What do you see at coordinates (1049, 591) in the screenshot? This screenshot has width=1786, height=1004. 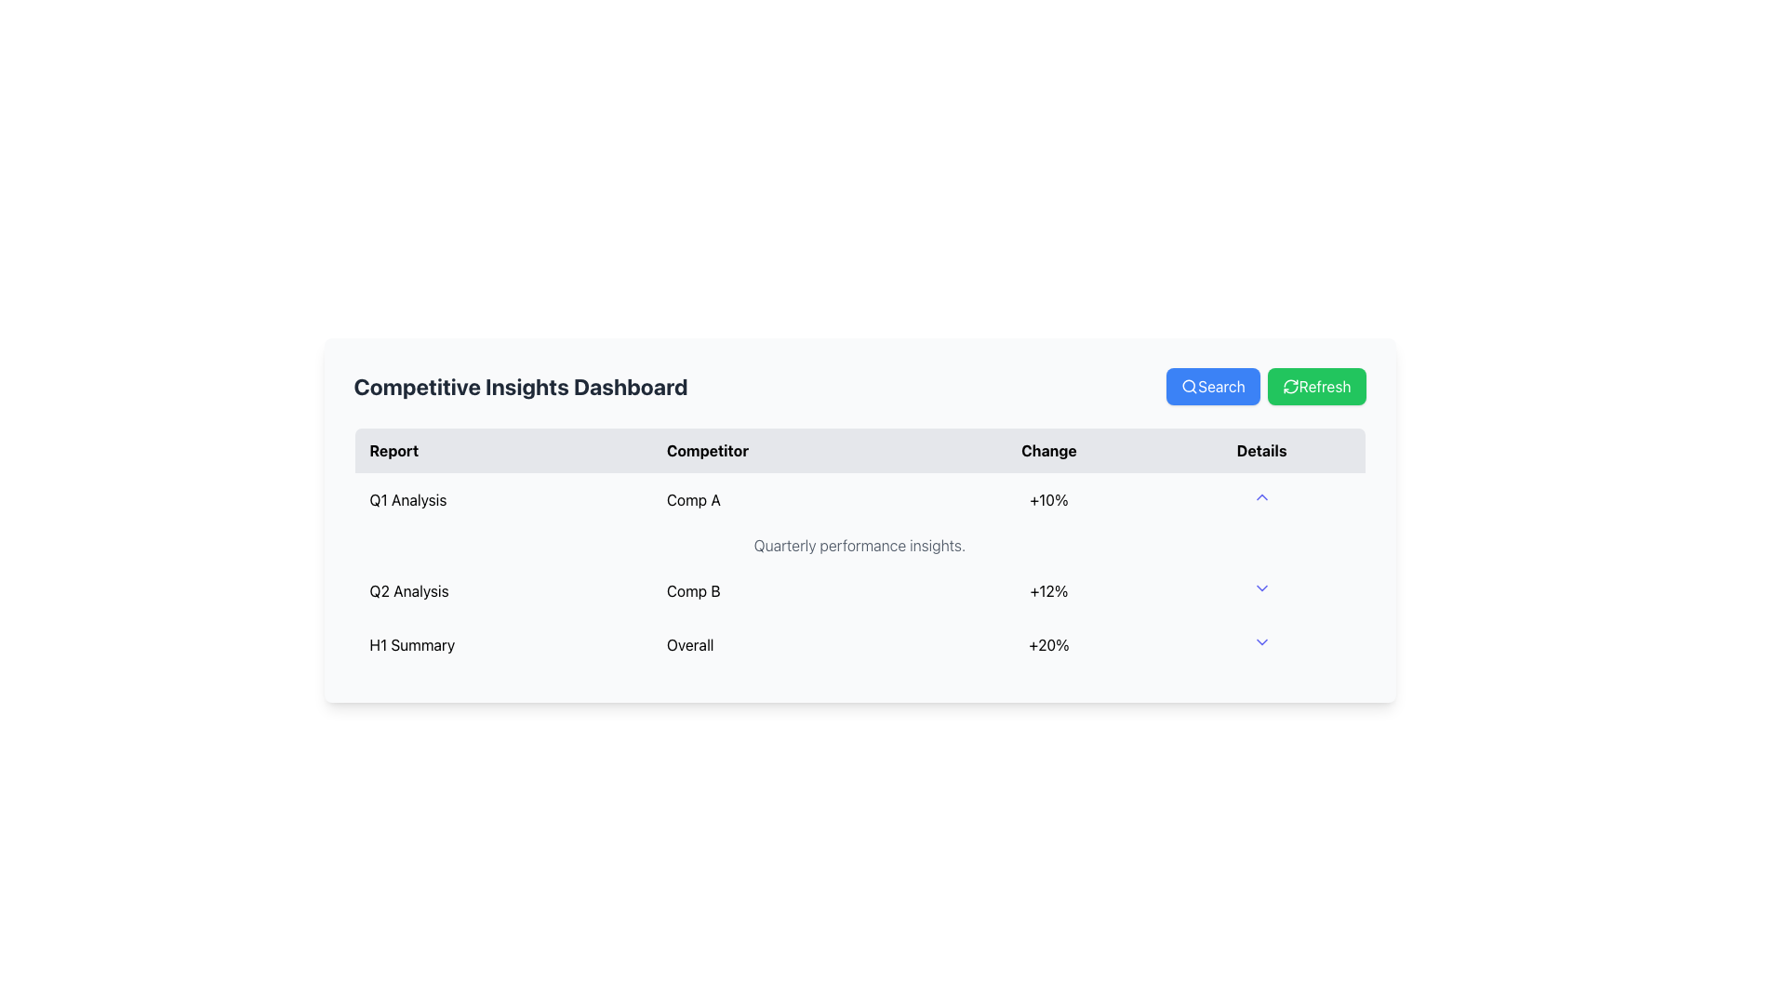 I see `the numeric value Text label indicating a percentage change associated with 'Q2 Analysis Comp B+12%' in the 'Change' column` at bounding box center [1049, 591].